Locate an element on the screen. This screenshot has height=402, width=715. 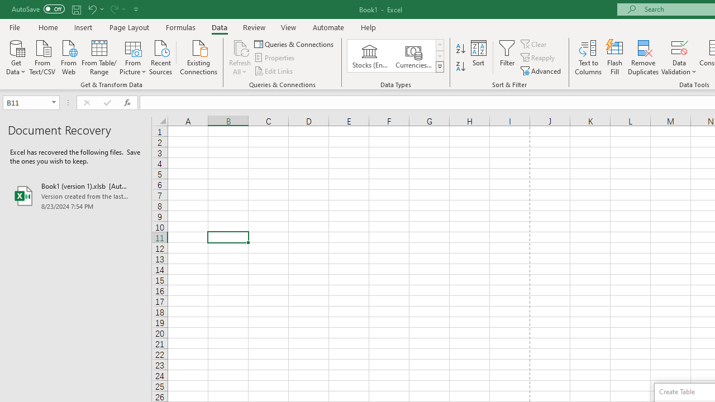
'Filter' is located at coordinates (507, 58).